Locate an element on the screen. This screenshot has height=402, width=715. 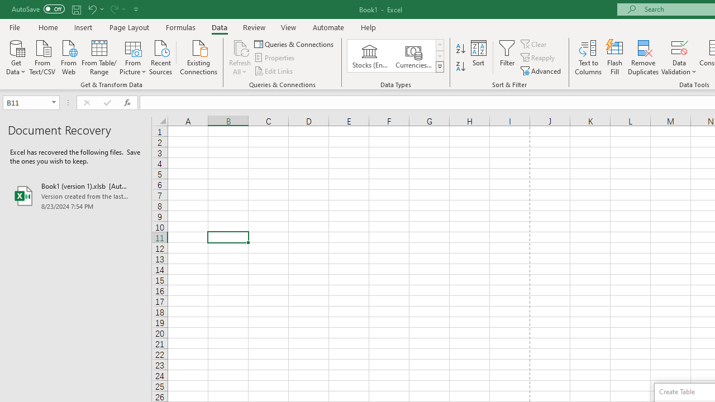
'Filter' is located at coordinates (507, 58).